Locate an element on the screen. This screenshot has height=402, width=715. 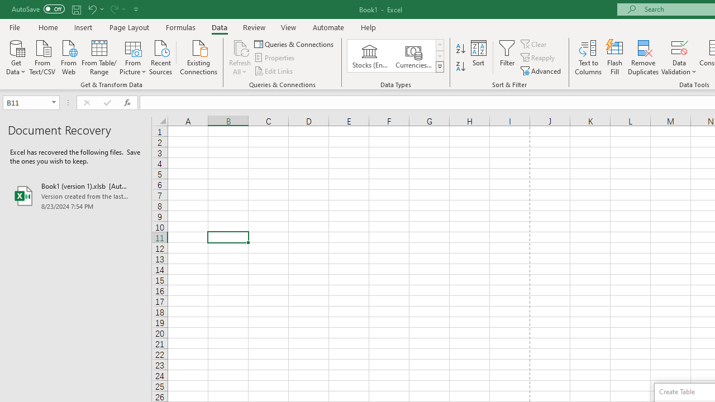
'Filter' is located at coordinates (507, 58).